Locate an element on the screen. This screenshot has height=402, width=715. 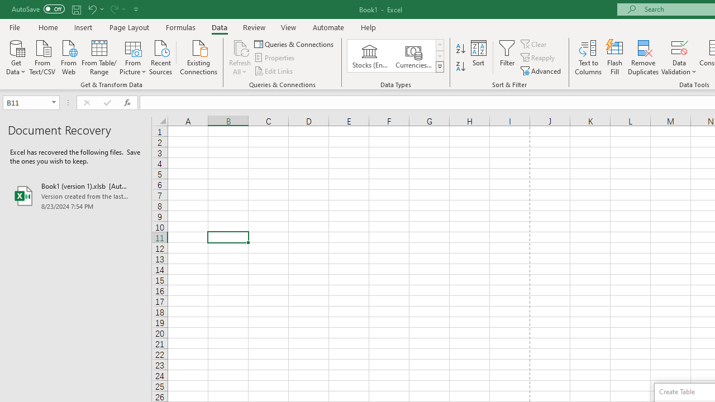
'Filter' is located at coordinates (507, 58).